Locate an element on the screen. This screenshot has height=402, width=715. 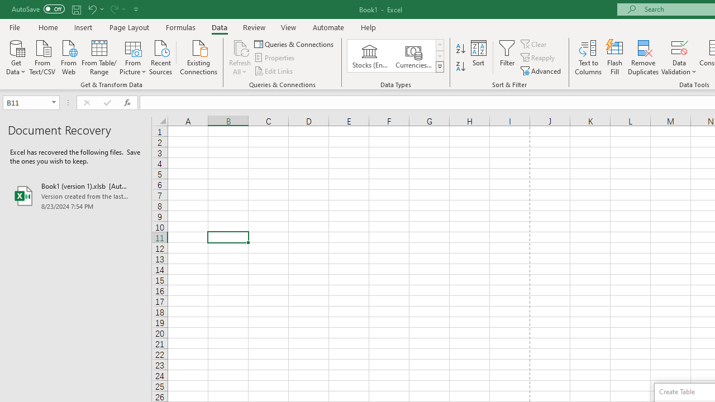
'Filter' is located at coordinates (507, 58).